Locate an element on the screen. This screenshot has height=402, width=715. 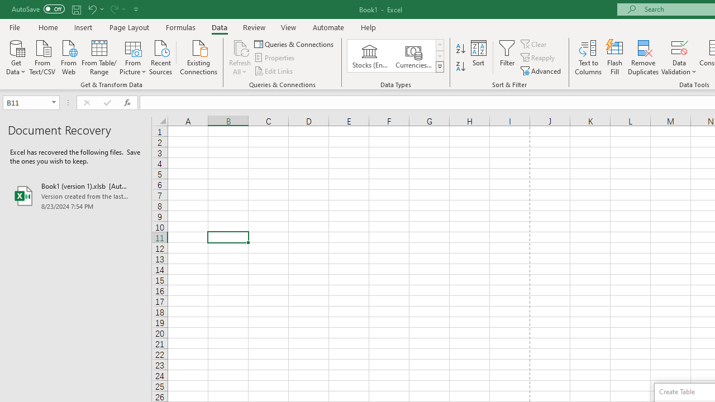
'Filter' is located at coordinates (507, 58).